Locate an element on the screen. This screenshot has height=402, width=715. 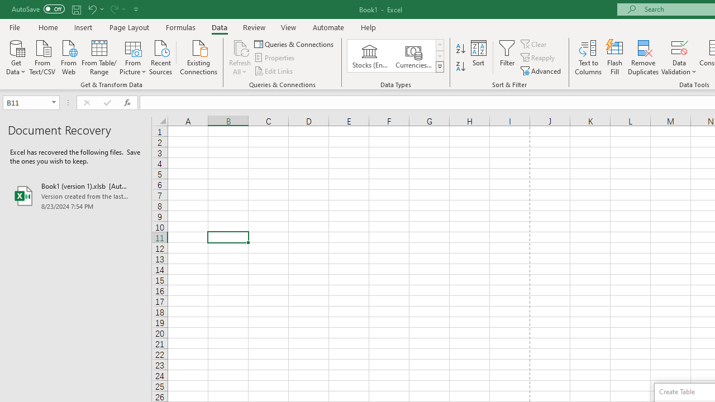
'Filter' is located at coordinates (507, 58).